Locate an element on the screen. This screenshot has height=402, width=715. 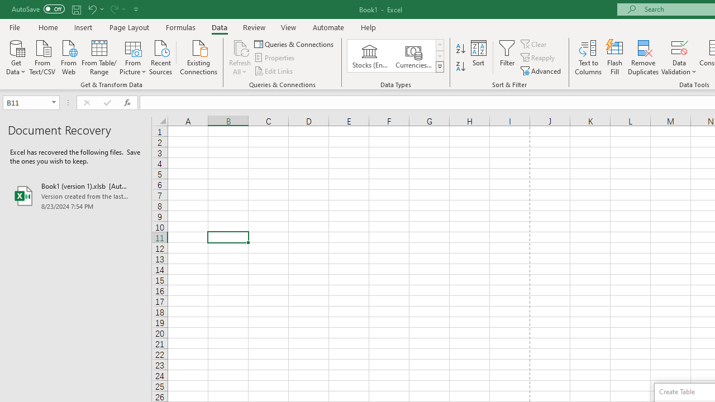
'Filter' is located at coordinates (507, 58).